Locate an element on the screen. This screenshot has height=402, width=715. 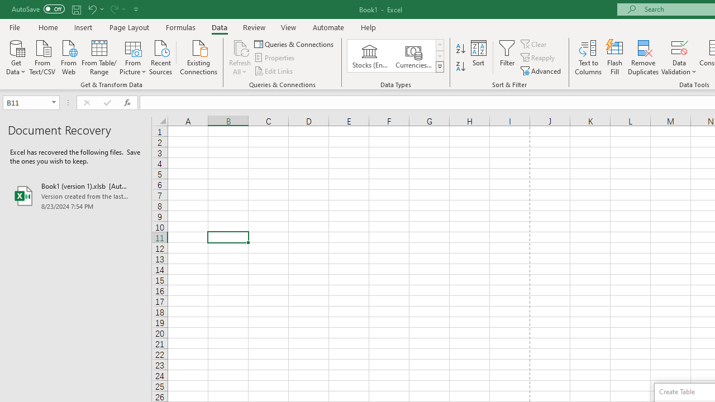
'Filter' is located at coordinates (507, 58).